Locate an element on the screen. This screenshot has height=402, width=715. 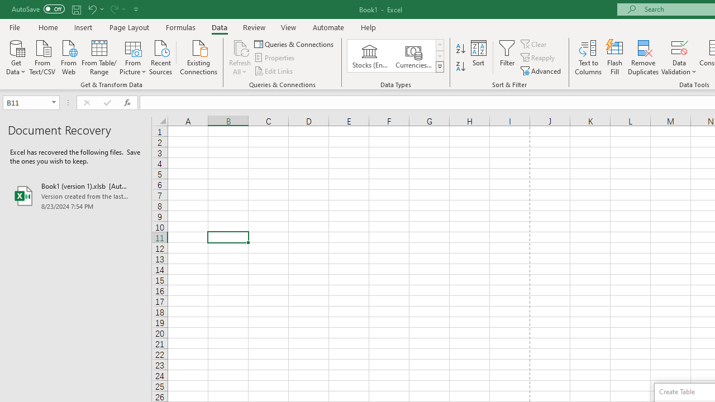
'Filter' is located at coordinates (507, 58).